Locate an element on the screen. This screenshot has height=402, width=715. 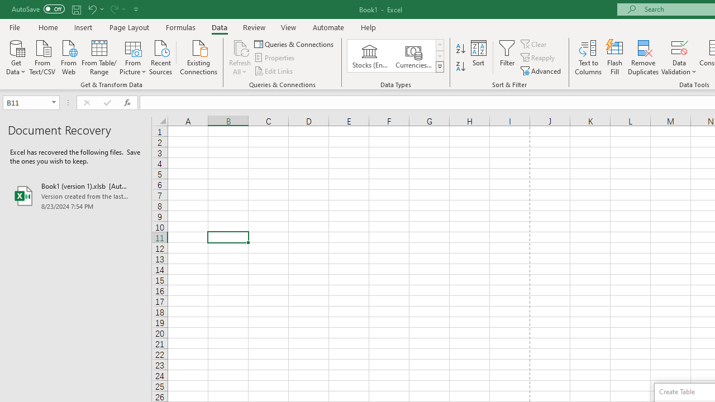
'Filter' is located at coordinates (507, 58).